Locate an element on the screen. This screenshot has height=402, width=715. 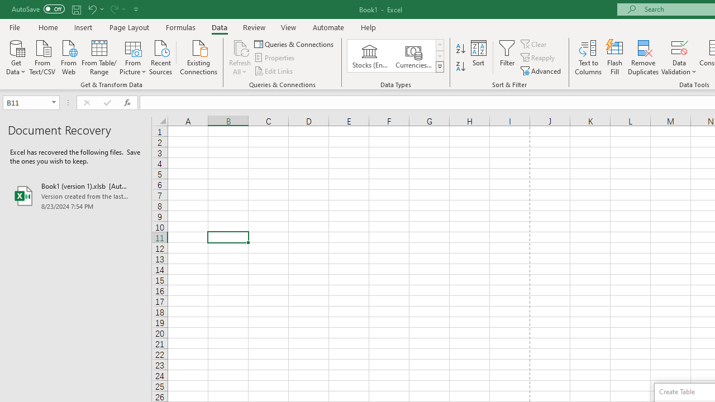
'Filter' is located at coordinates (507, 58).